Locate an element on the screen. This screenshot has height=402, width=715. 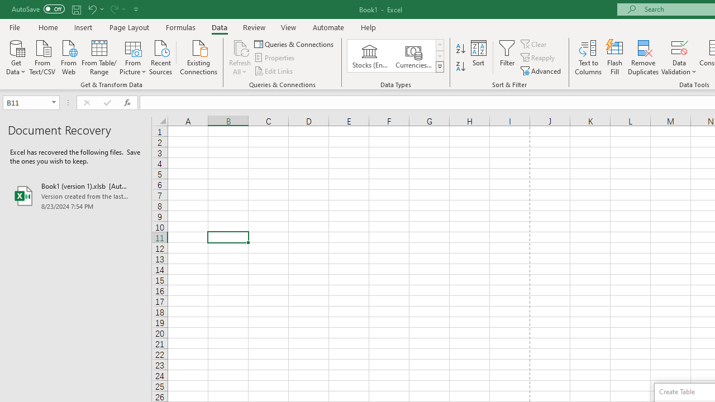
'Filter' is located at coordinates (507, 58).